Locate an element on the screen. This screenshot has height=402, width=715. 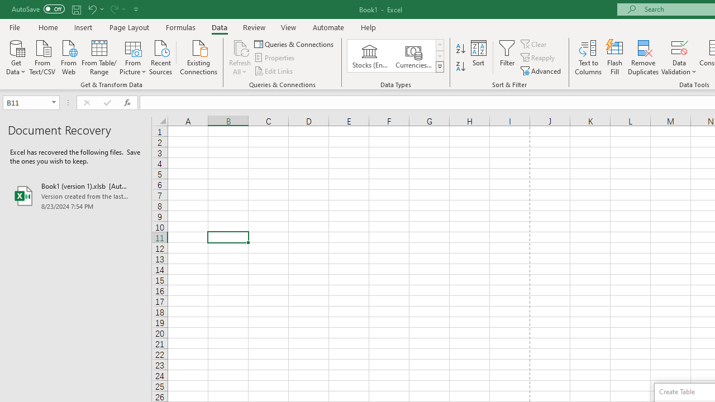
'Filter' is located at coordinates (507, 58).